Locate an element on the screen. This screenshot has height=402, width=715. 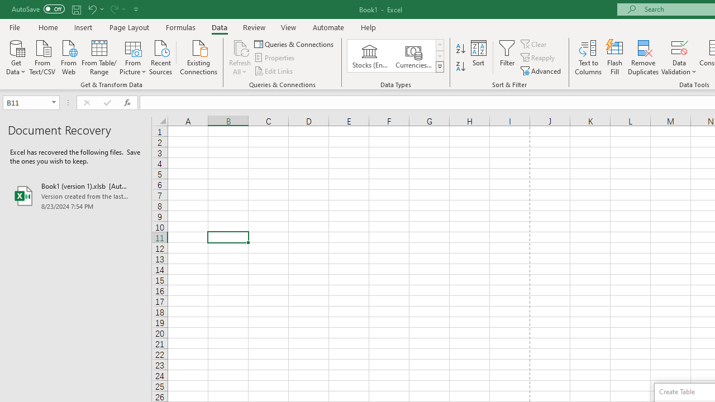
'Filter' is located at coordinates (507, 58).